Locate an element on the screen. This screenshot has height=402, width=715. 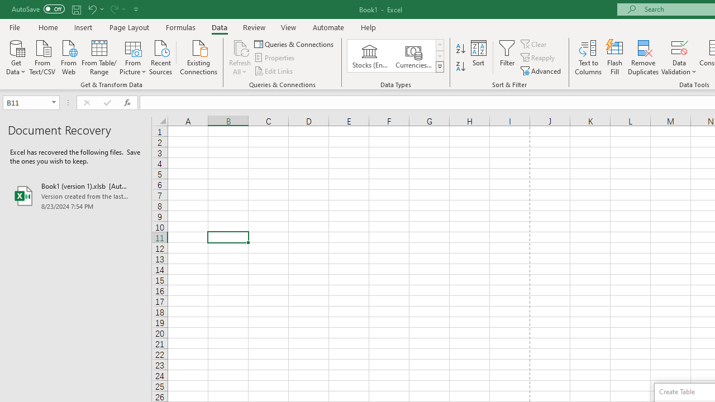
'Filter' is located at coordinates (507, 58).